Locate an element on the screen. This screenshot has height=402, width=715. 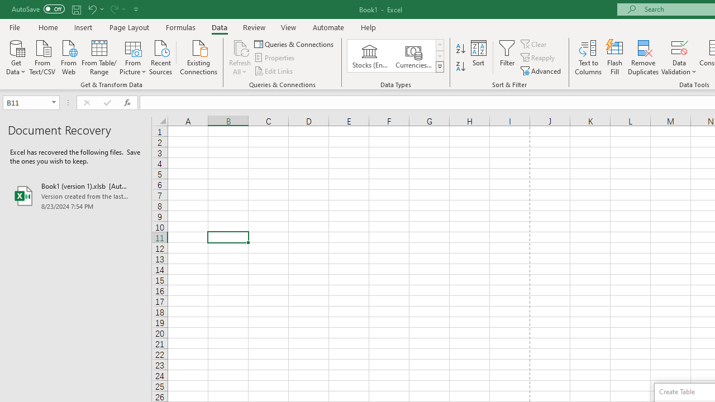
'Filter' is located at coordinates (507, 58).